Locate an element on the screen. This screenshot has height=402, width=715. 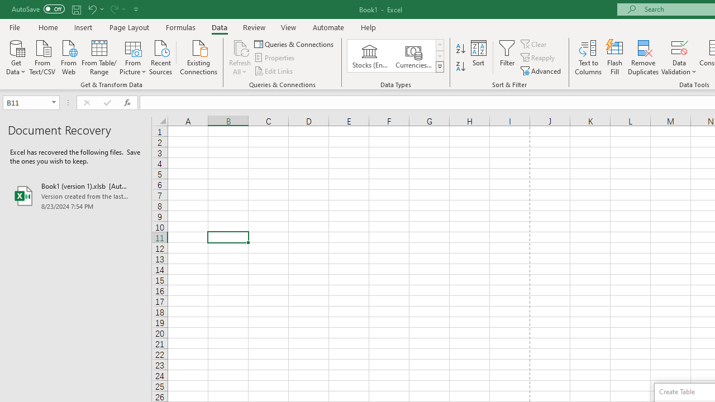
'Filter' is located at coordinates (507, 58).